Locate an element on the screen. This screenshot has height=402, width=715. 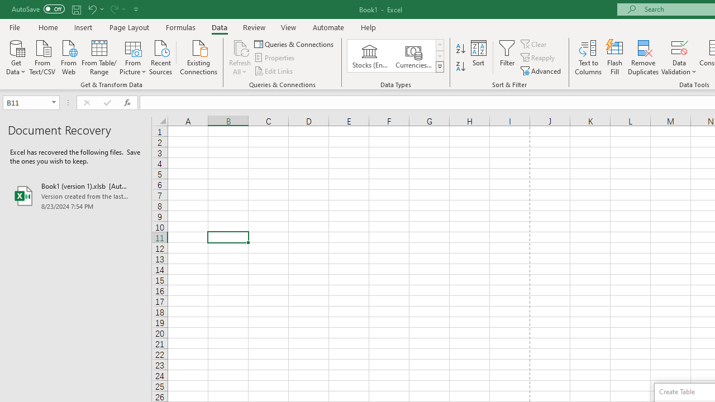
'Filter' is located at coordinates (507, 58).